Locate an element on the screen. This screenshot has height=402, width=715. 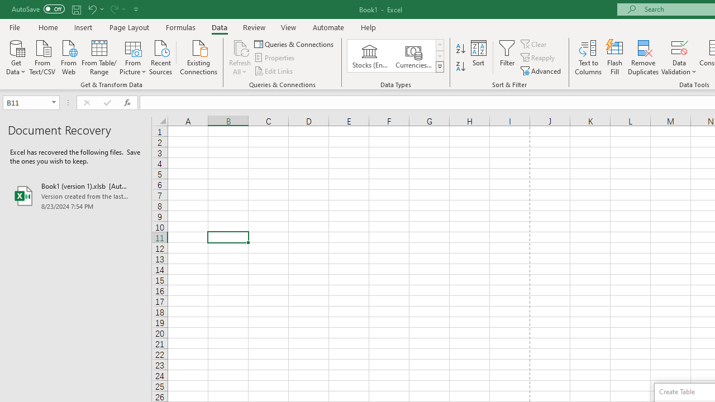
'Filter' is located at coordinates (507, 58).